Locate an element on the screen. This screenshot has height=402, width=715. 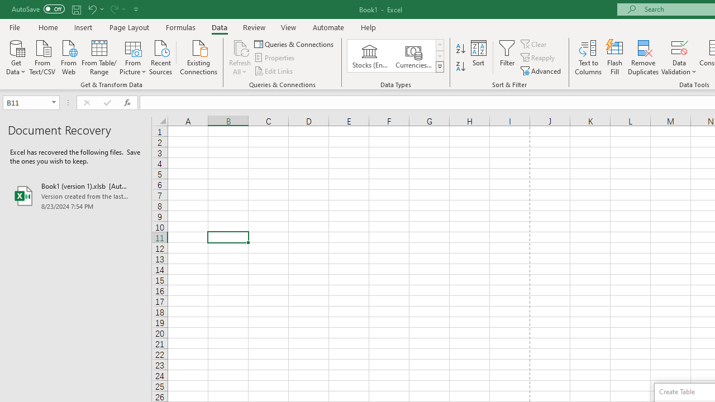
'Filter' is located at coordinates (507, 58).